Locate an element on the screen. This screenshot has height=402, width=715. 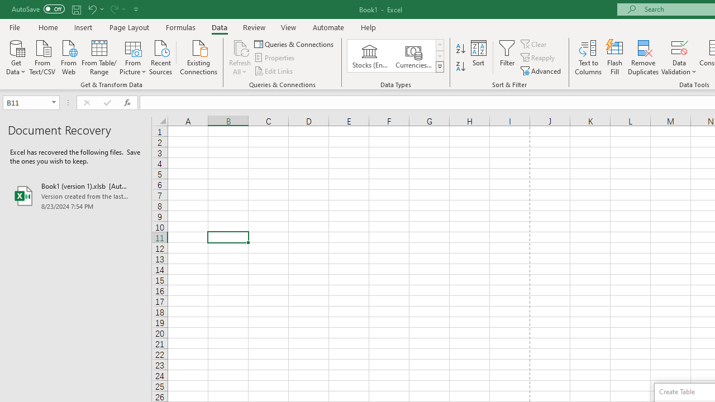
'Filter' is located at coordinates (507, 58).